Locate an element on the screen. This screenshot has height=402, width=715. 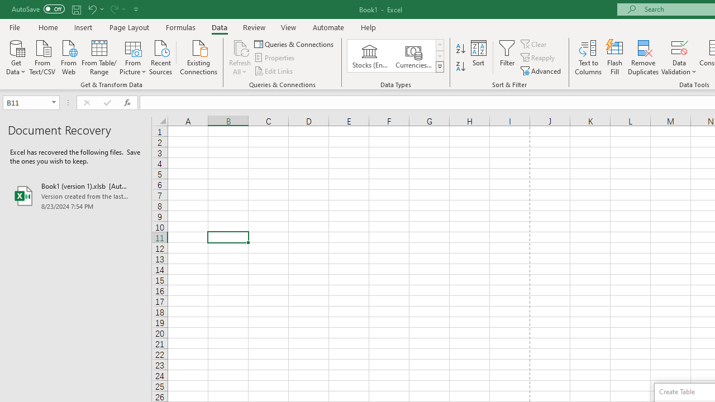
'Filter' is located at coordinates (507, 58).